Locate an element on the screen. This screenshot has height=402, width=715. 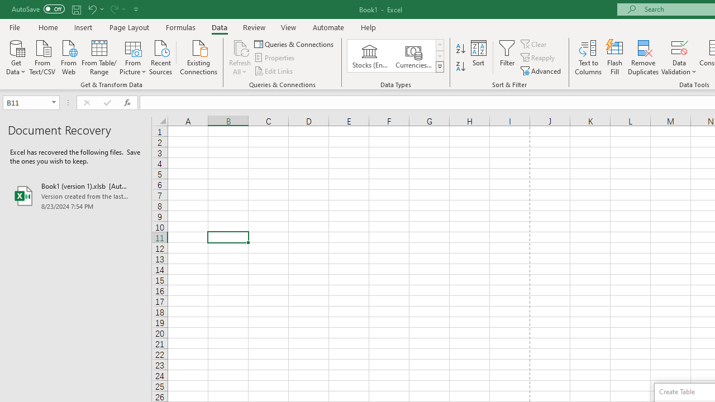
'Filter' is located at coordinates (507, 58).